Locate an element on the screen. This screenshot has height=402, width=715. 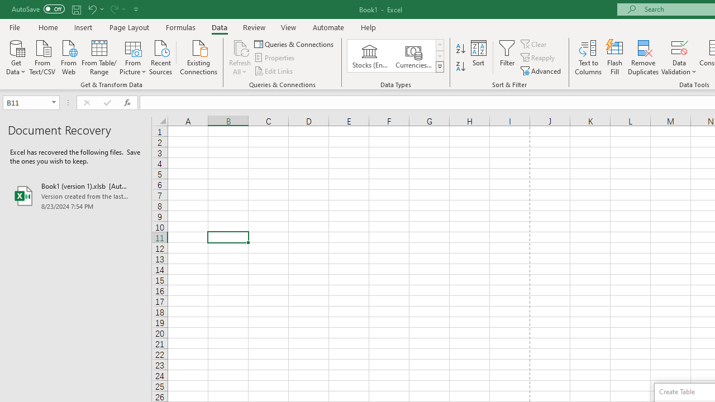
'Filter' is located at coordinates (507, 58).